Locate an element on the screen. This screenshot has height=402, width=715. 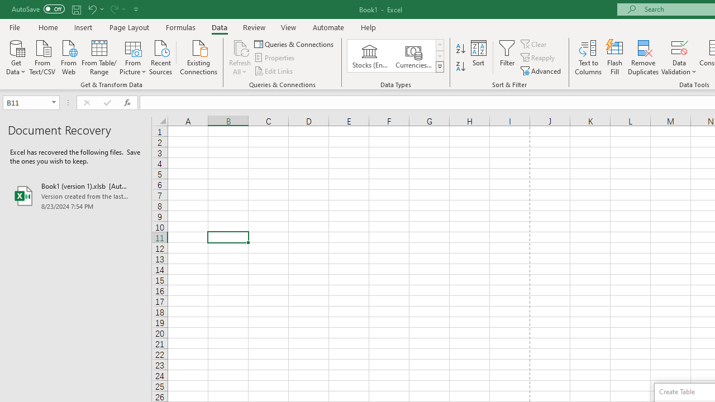
'Filter' is located at coordinates (507, 58).